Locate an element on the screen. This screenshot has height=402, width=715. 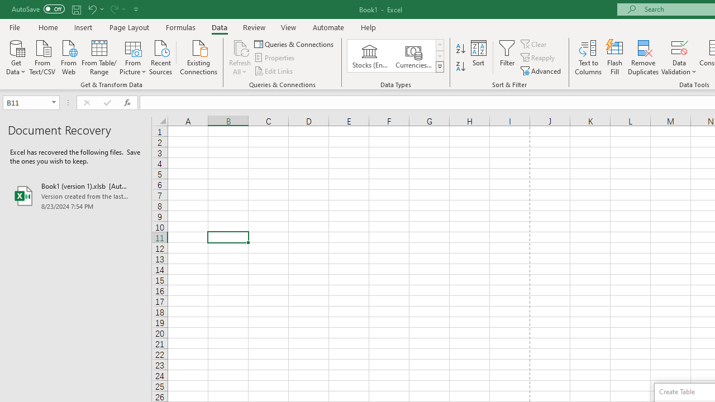
'Filter' is located at coordinates (507, 58).